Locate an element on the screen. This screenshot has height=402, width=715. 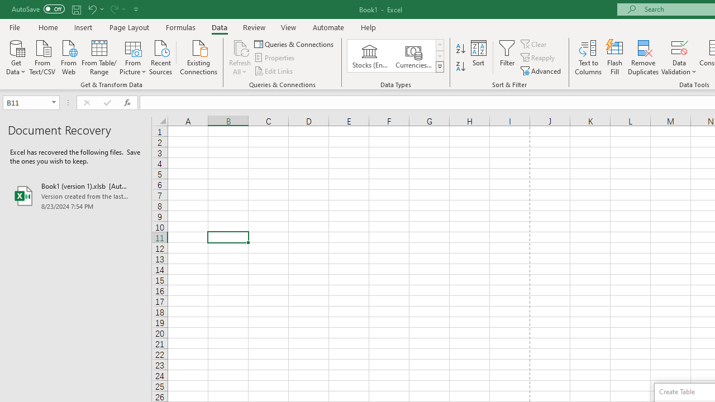
'Filter' is located at coordinates (507, 58).